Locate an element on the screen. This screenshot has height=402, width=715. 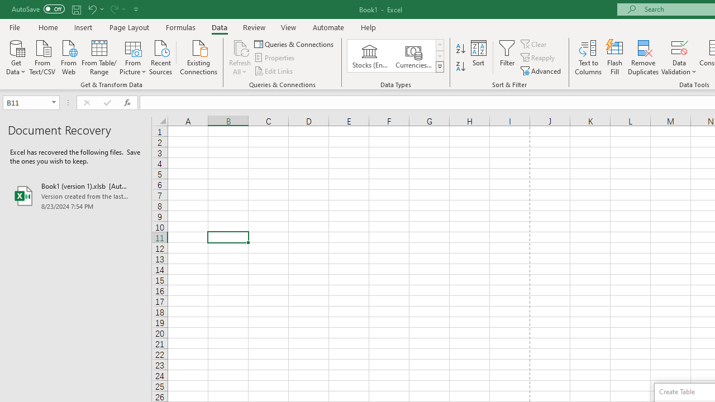
'Filter' is located at coordinates (507, 58).